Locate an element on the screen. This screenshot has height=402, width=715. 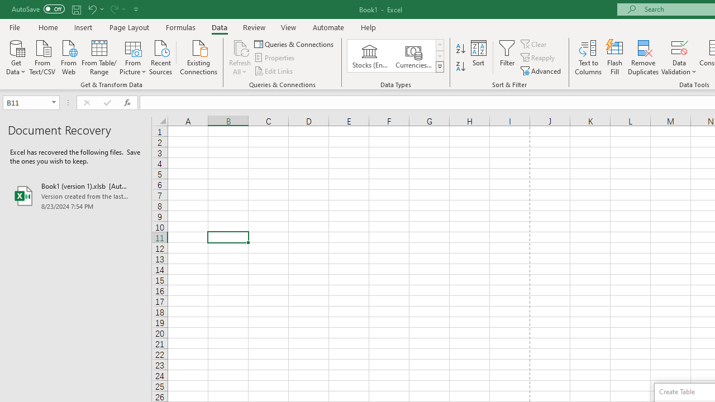
'Filter' is located at coordinates (507, 58).